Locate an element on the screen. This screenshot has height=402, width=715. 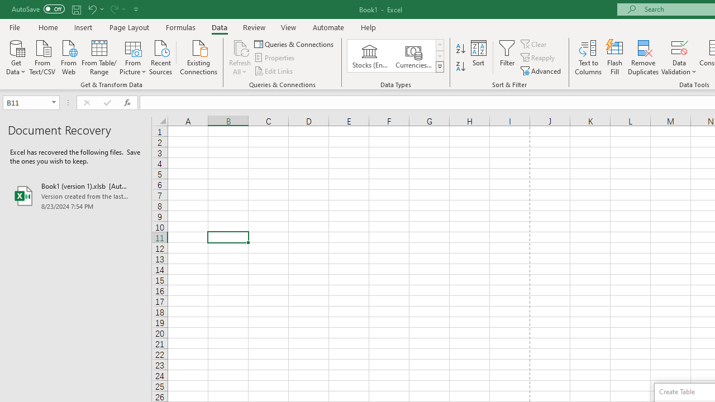
'Filter' is located at coordinates (507, 58).